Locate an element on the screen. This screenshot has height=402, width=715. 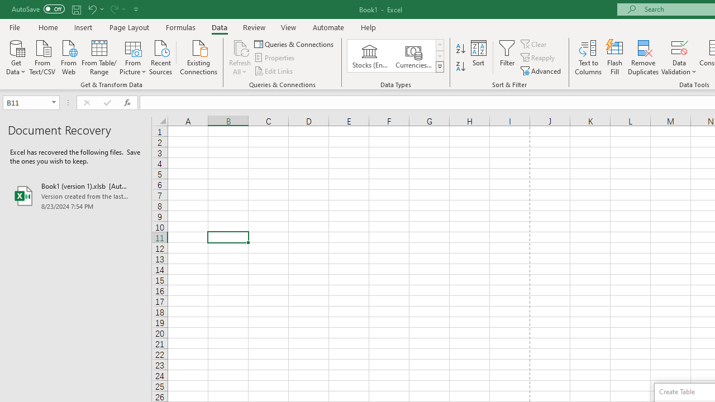
'Filter' is located at coordinates (507, 58).